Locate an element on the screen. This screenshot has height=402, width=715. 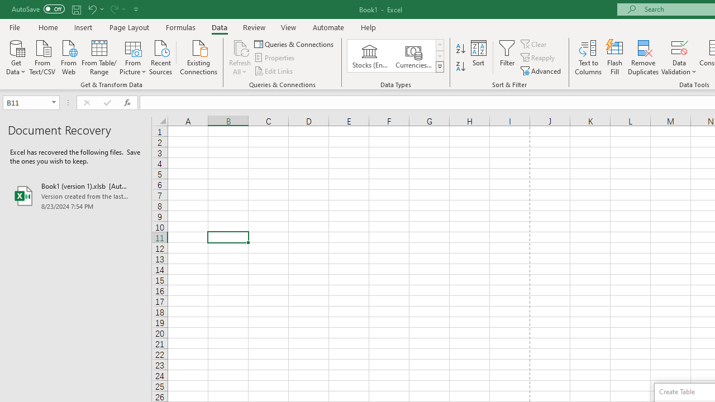
'Filter' is located at coordinates (507, 58).